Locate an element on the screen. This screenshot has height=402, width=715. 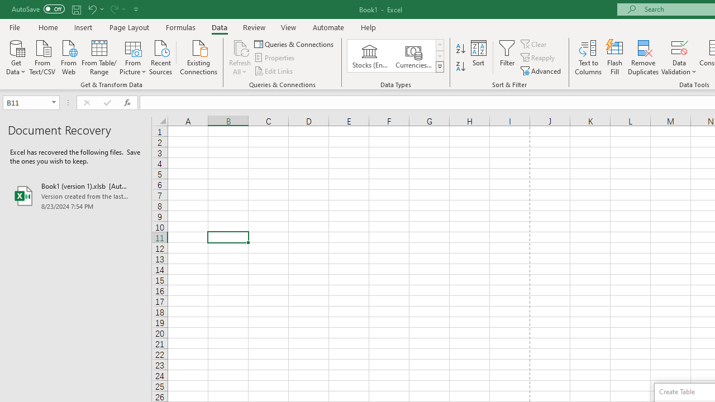
'Filter' is located at coordinates (507, 58).